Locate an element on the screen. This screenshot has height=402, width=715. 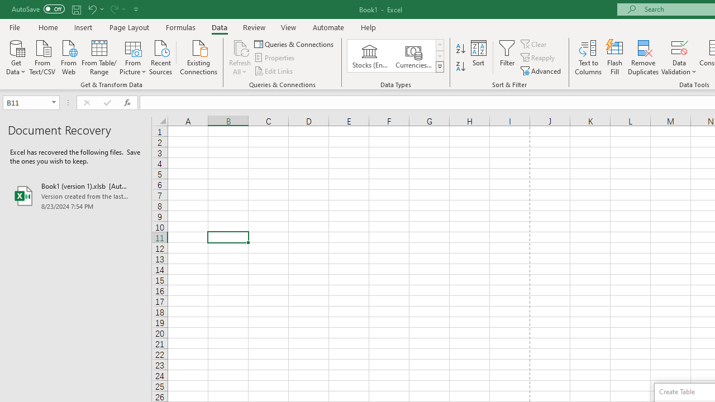
'Filter' is located at coordinates (507, 58).